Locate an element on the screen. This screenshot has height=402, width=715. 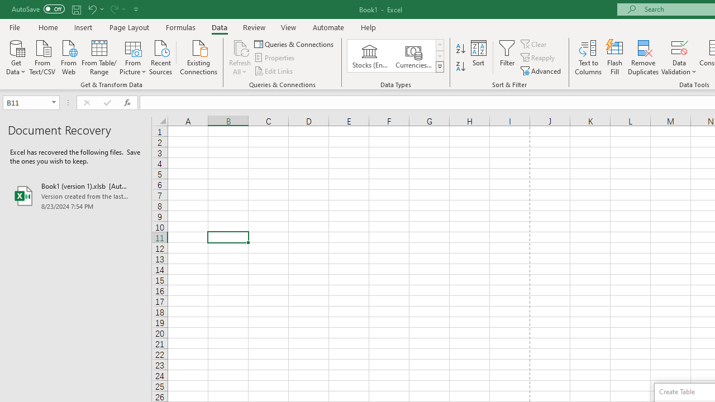
'Filter' is located at coordinates (507, 58).